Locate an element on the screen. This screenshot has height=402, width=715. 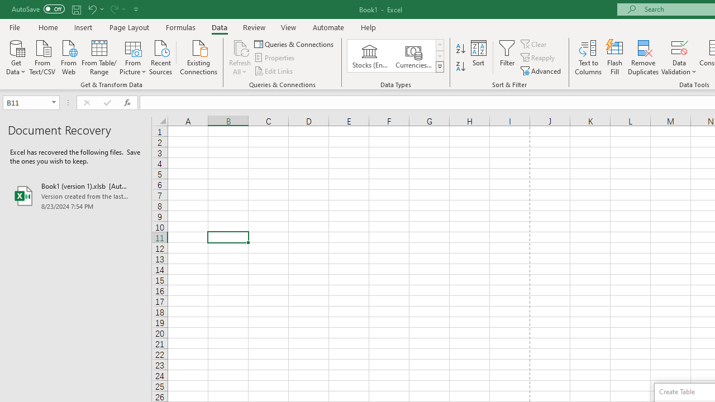
'Filter' is located at coordinates (507, 58).